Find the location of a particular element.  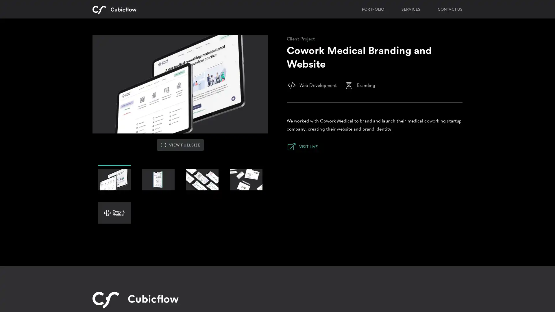

# is located at coordinates (114, 233).